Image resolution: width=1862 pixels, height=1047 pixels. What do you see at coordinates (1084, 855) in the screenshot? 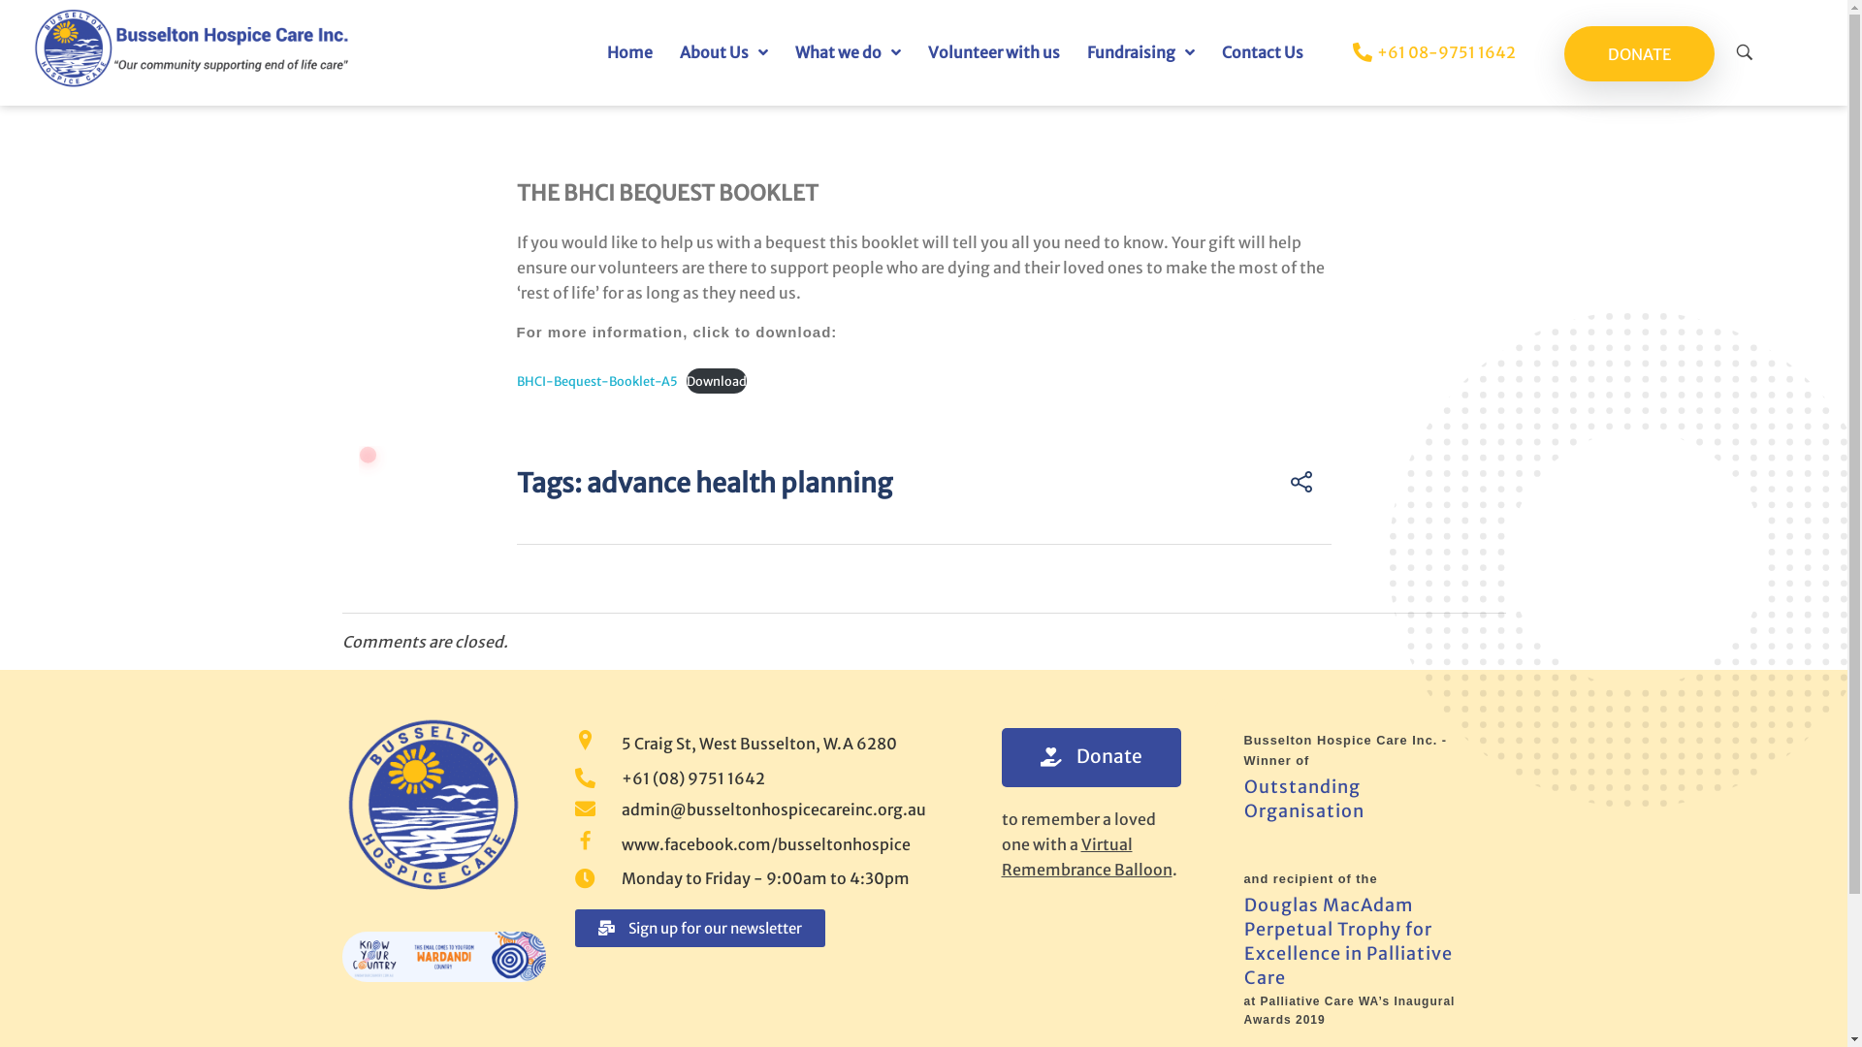
I see `'Virtual Remembrance Balloon'` at bounding box center [1084, 855].